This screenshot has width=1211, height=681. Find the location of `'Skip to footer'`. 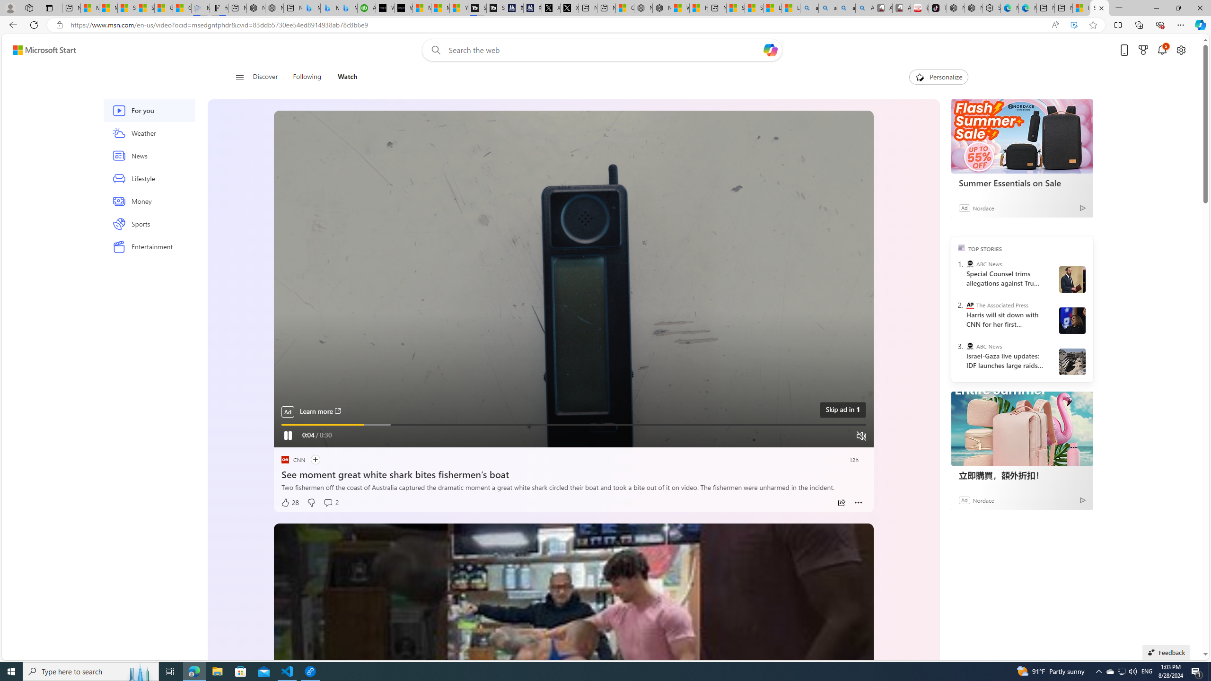

'Skip to footer' is located at coordinates (38, 49).